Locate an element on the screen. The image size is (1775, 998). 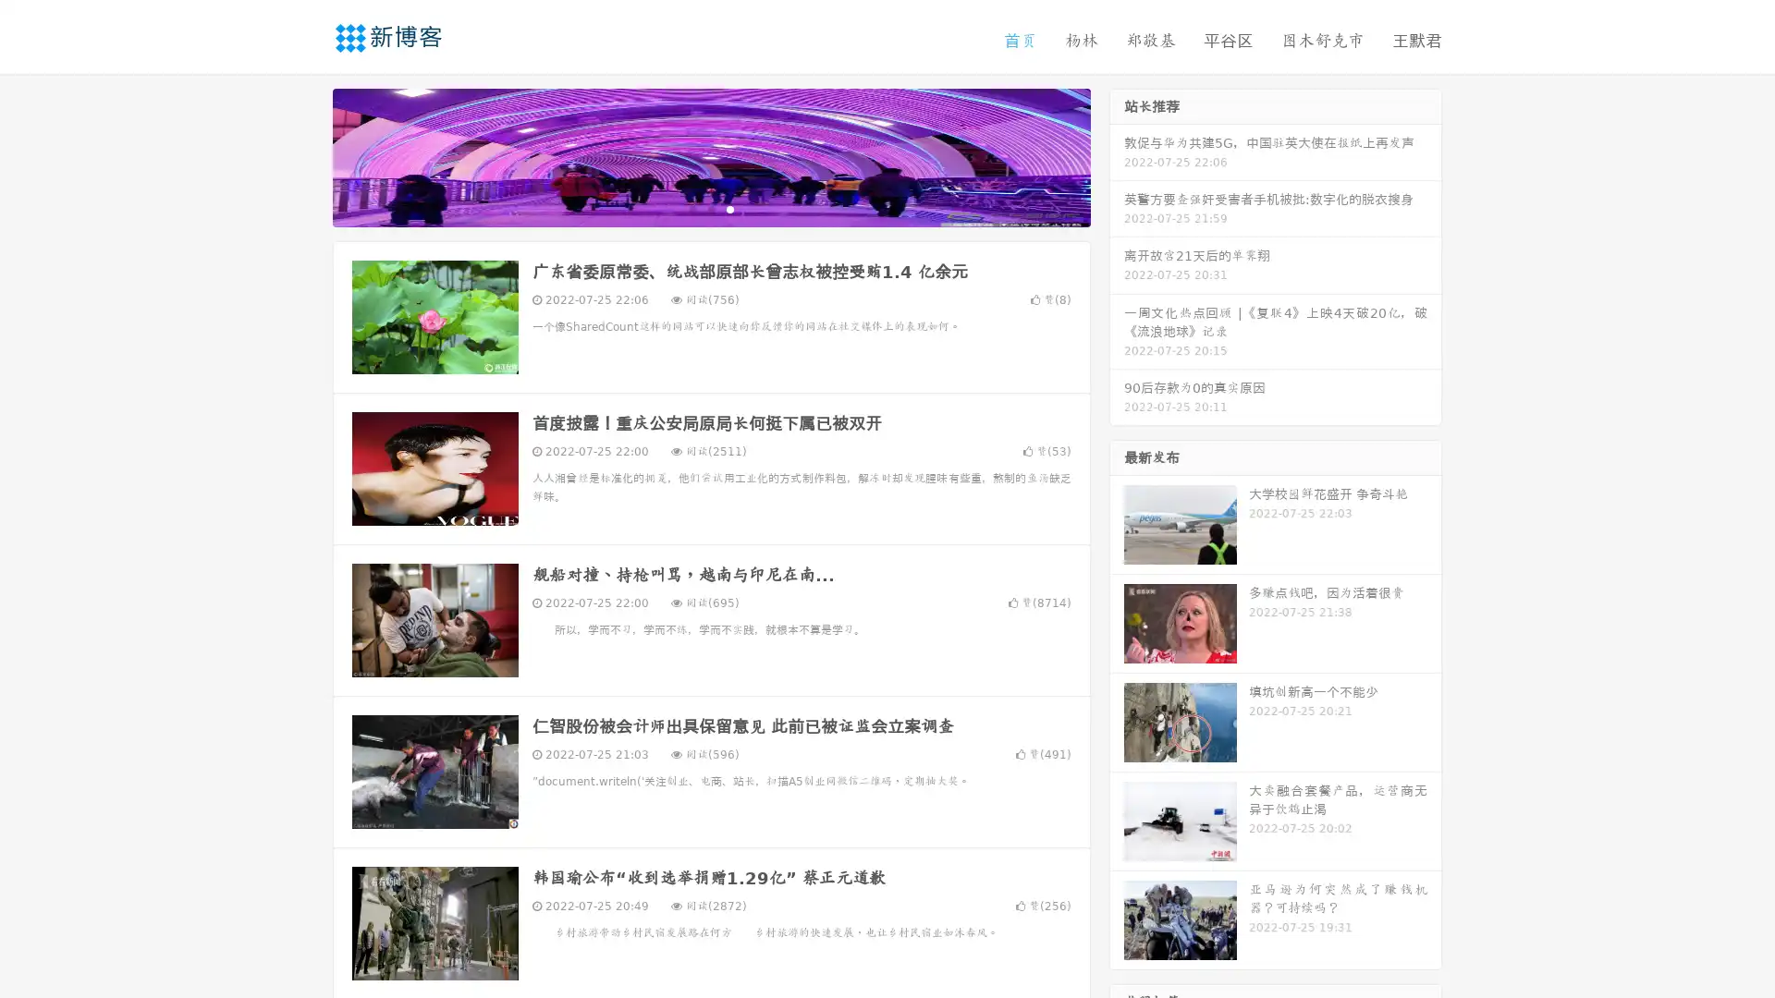
Previous slide is located at coordinates (305, 155).